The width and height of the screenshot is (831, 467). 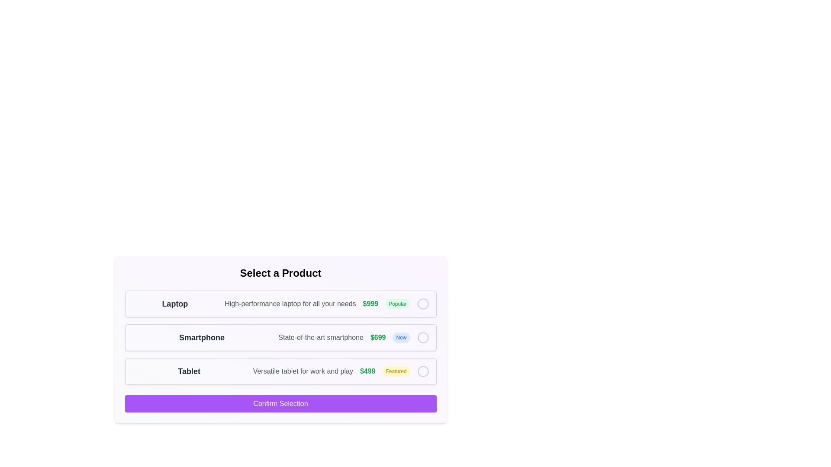 What do you see at coordinates (280, 273) in the screenshot?
I see `the header text that introduces the section above the list of product options` at bounding box center [280, 273].